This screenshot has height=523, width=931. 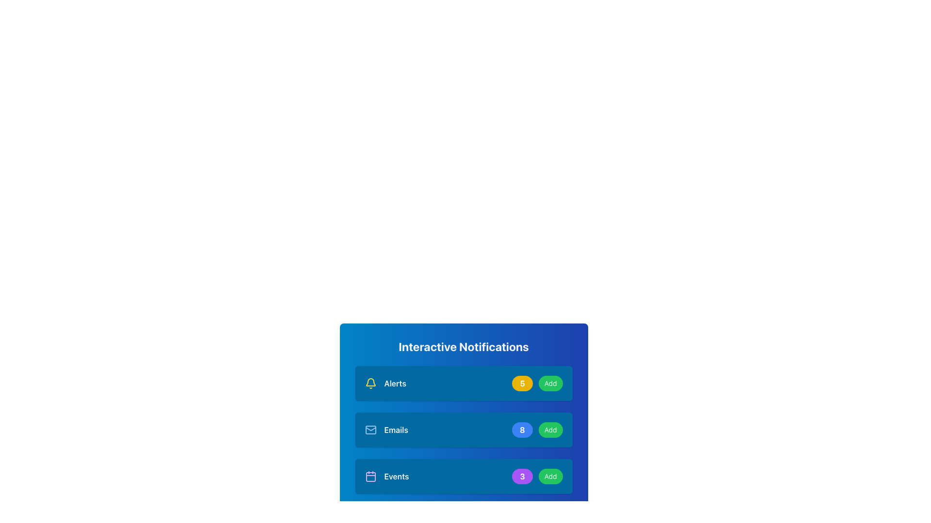 I want to click on the second row of the Notification Panel labeled 'Emails', which shows the count of 8 emails and has an 'Add' button, so click(x=463, y=429).